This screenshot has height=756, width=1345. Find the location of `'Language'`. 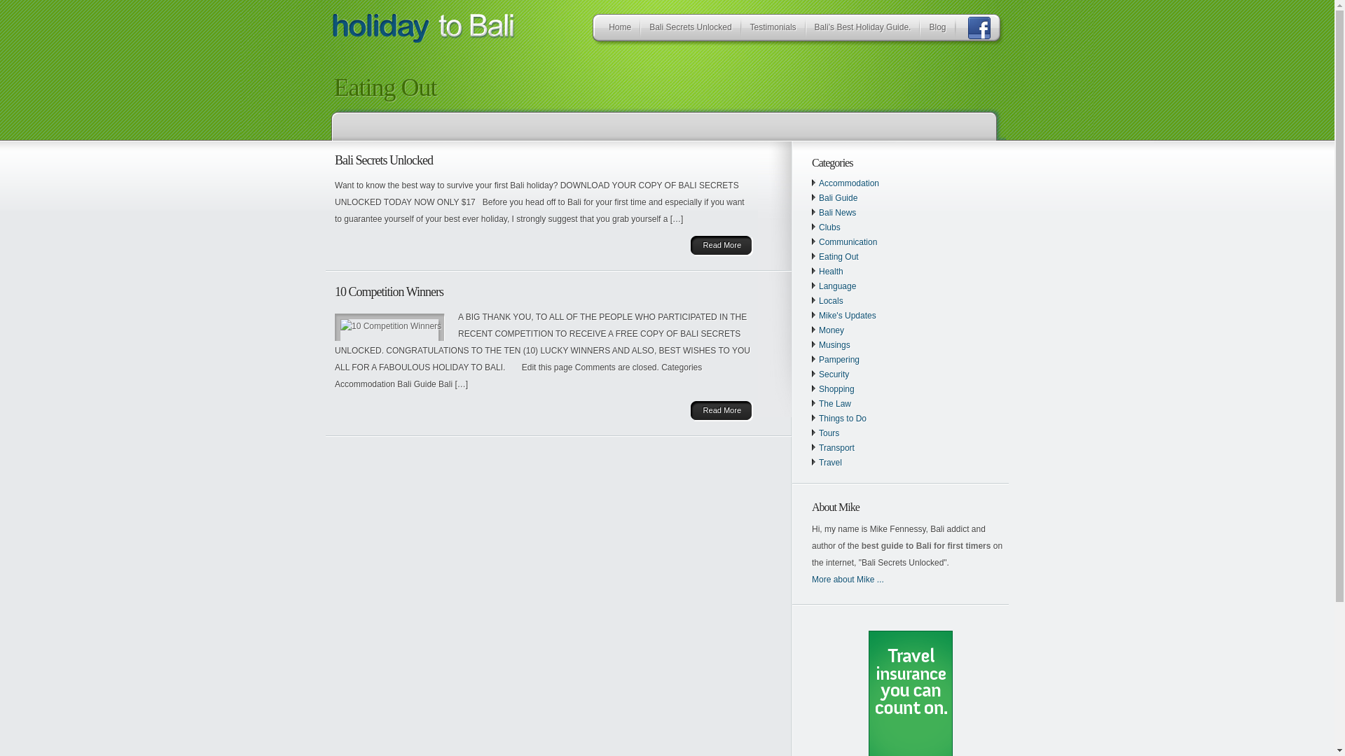

'Language' is located at coordinates (837, 285).